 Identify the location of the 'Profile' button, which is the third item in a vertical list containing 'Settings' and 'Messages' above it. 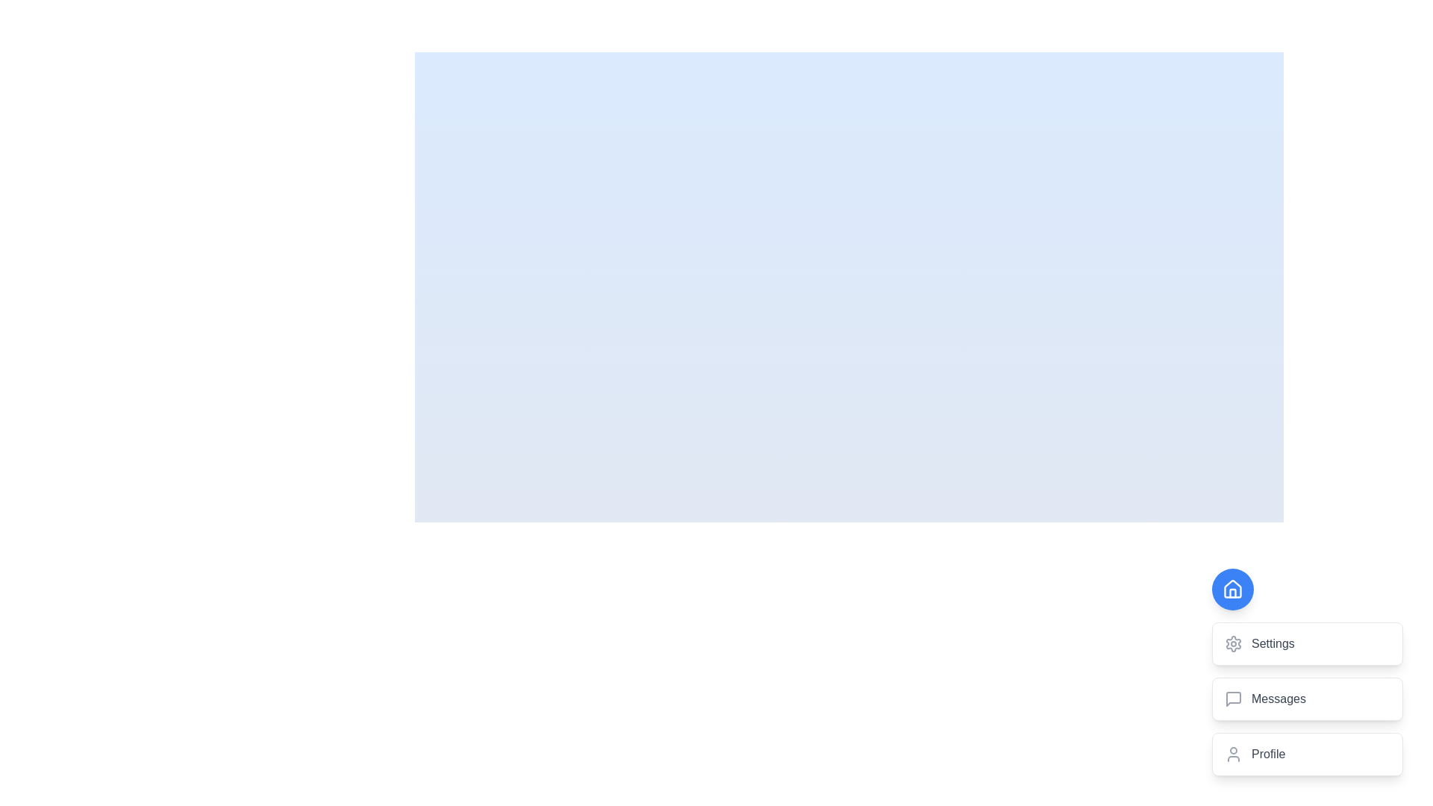
(1307, 754).